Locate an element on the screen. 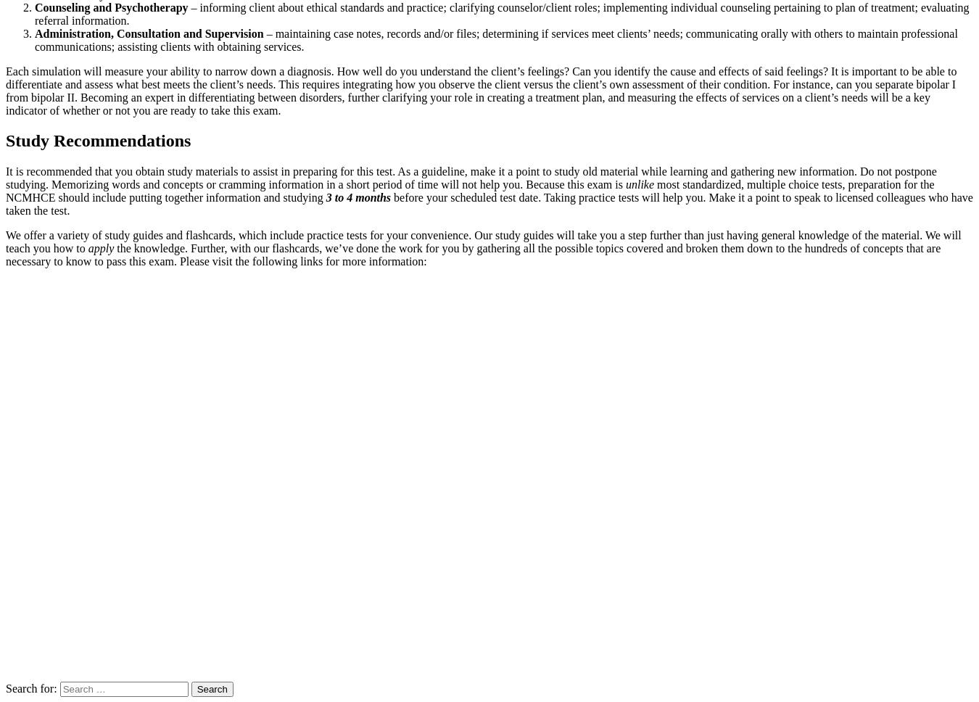 The width and height of the screenshot is (979, 702). 'Administration, Consultation and Supervision' is located at coordinates (149, 32).